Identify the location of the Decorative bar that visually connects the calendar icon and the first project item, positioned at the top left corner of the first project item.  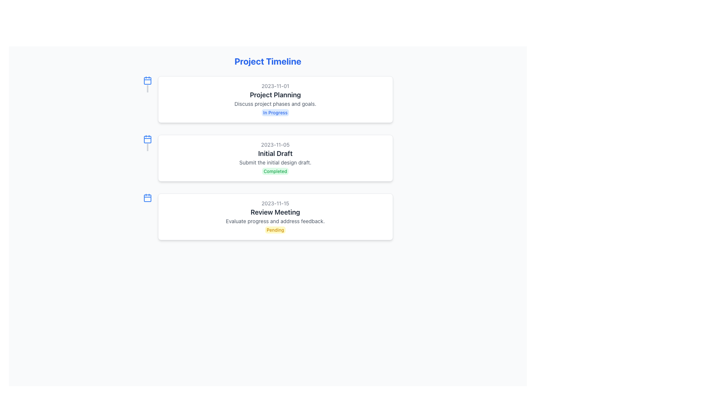
(147, 84).